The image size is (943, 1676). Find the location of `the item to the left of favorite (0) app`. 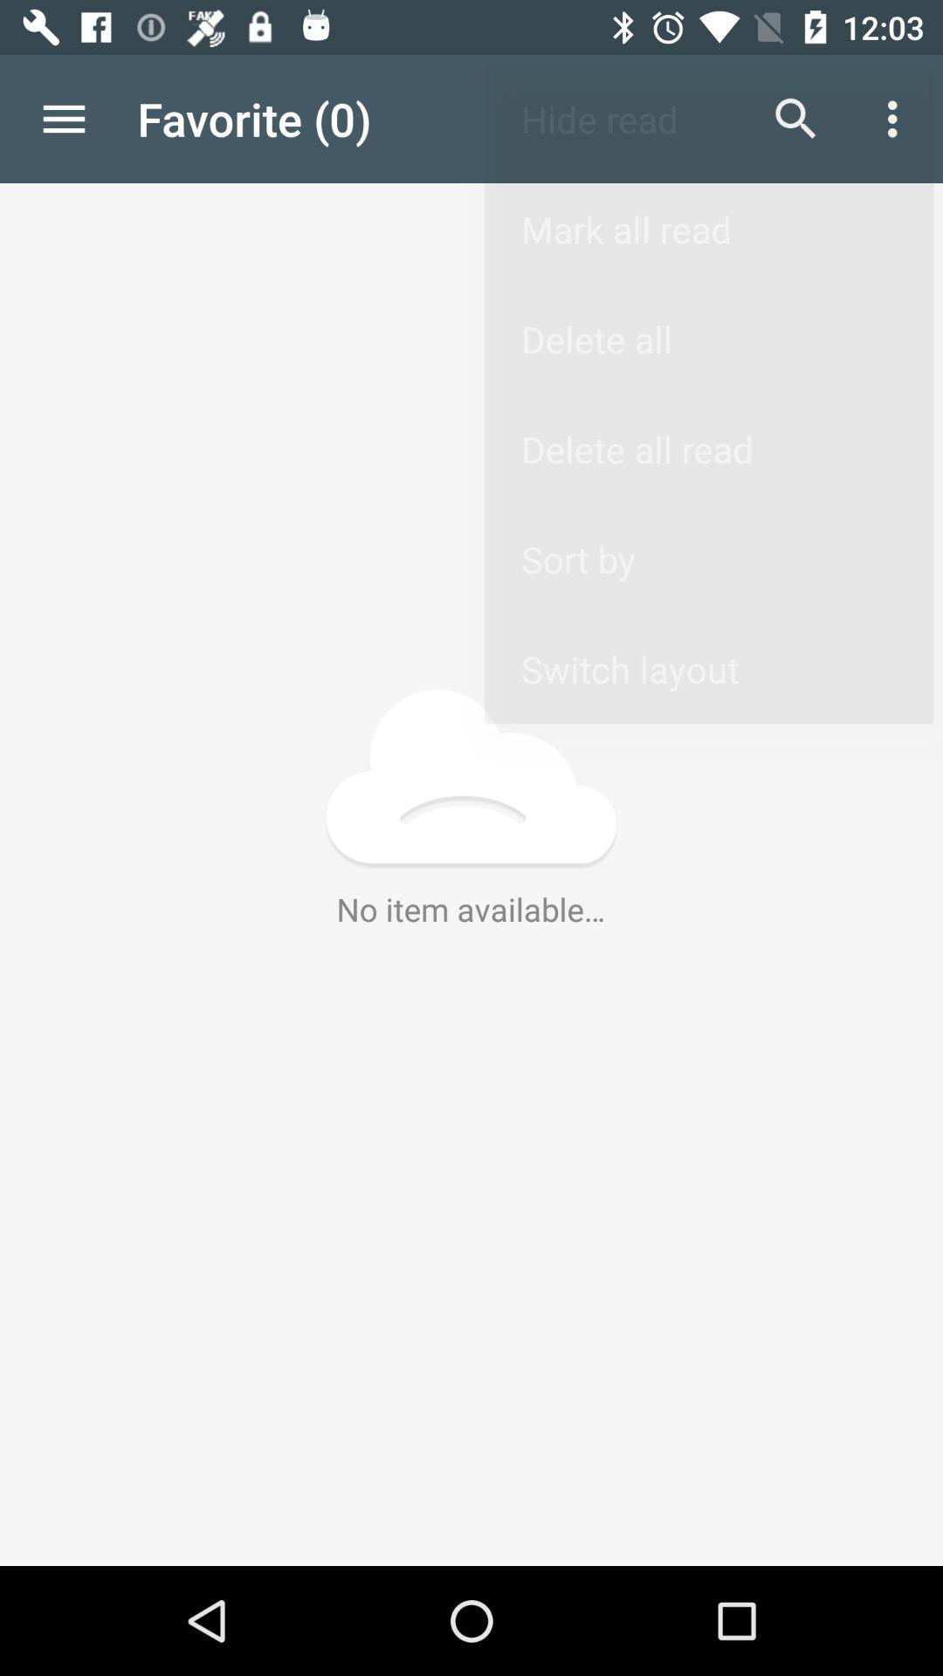

the item to the left of favorite (0) app is located at coordinates (63, 118).